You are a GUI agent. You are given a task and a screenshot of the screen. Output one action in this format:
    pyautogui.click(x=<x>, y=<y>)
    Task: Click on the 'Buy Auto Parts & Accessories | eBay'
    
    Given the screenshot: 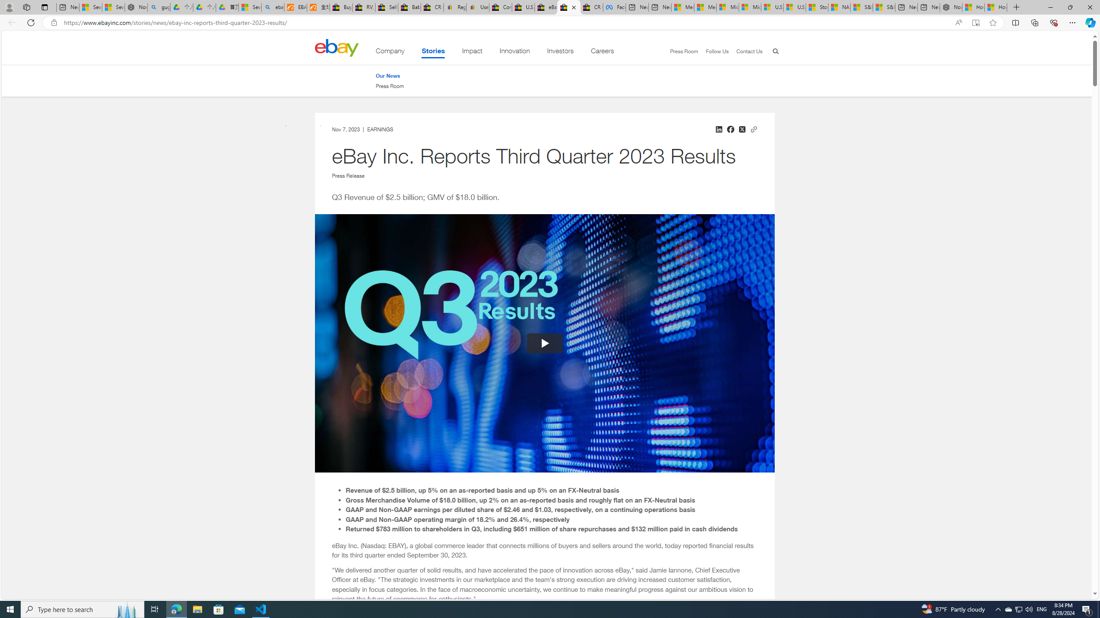 What is the action you would take?
    pyautogui.click(x=340, y=7)
    